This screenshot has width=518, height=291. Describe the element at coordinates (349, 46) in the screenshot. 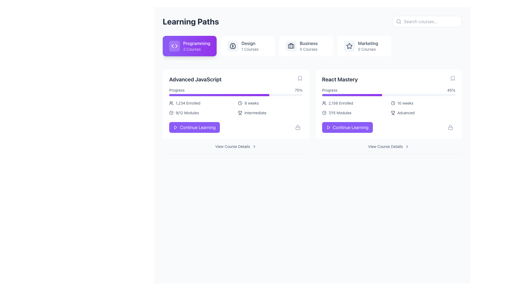

I see `the star icon in the 'Marketing' section to mark the category as favorite` at that location.